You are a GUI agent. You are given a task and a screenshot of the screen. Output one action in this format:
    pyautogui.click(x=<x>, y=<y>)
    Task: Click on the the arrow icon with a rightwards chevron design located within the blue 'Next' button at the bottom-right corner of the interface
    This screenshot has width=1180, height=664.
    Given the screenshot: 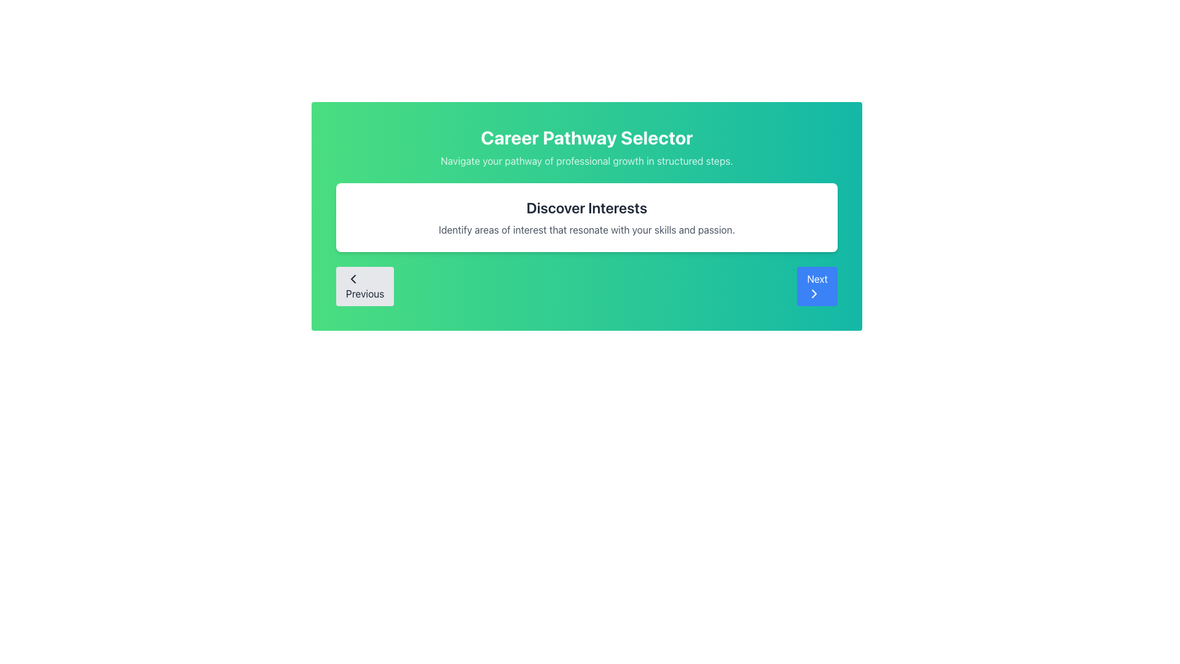 What is the action you would take?
    pyautogui.click(x=814, y=294)
    